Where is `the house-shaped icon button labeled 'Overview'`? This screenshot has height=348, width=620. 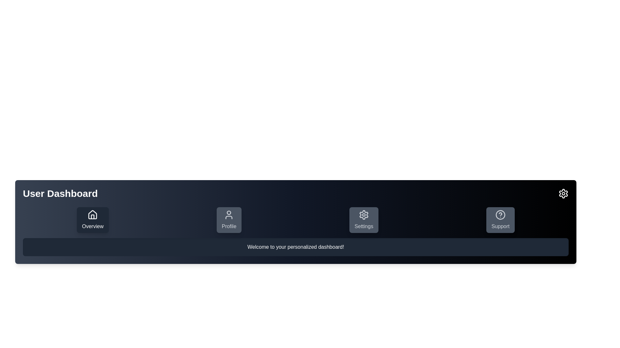 the house-shaped icon button labeled 'Overview' is located at coordinates (92, 215).